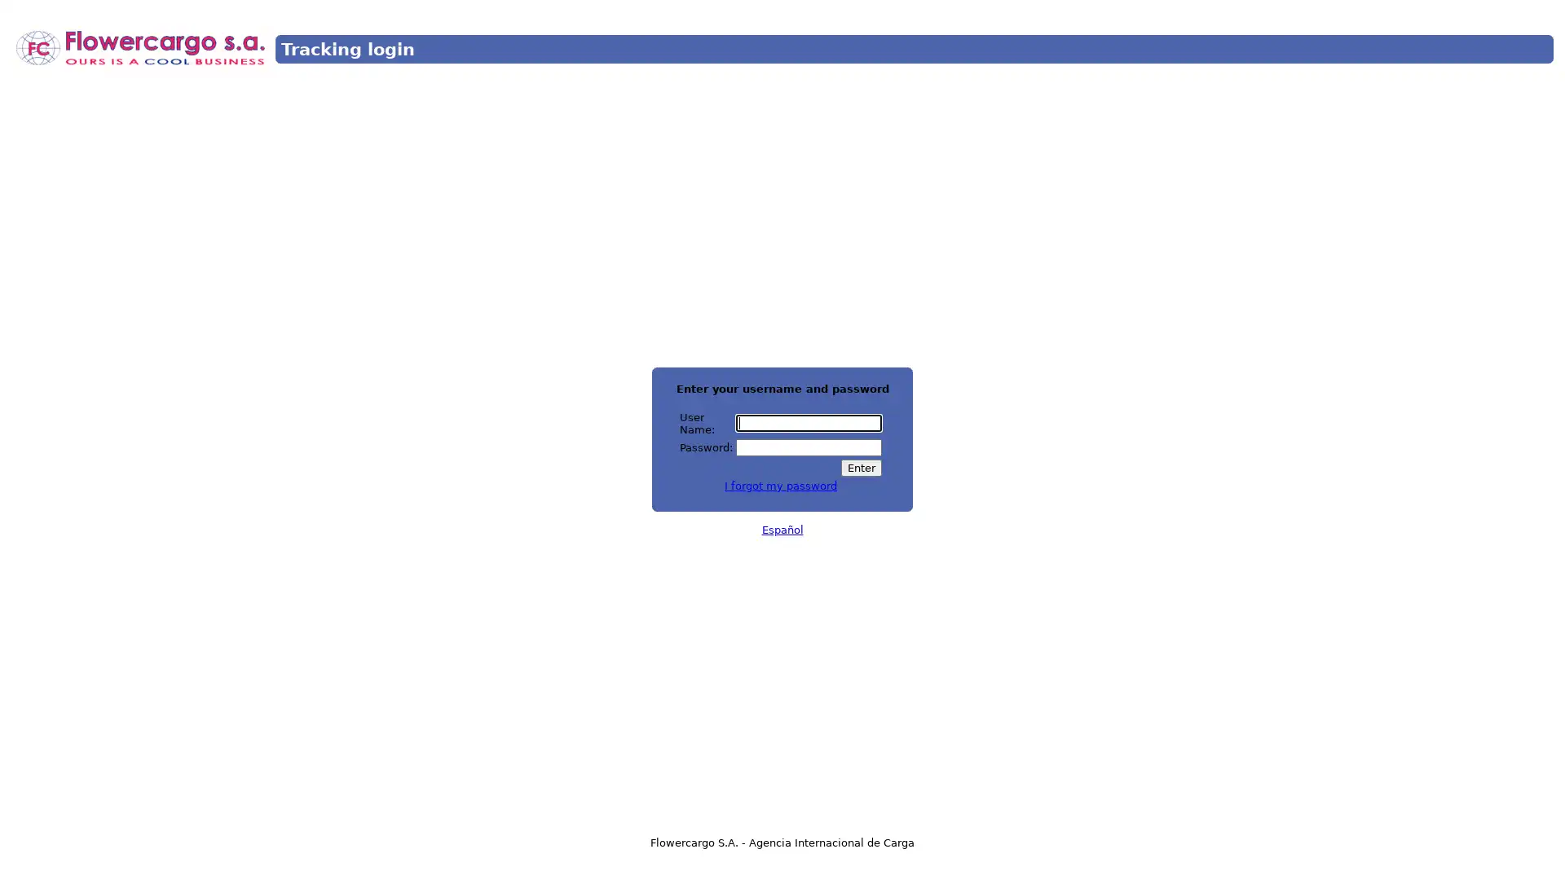  Describe the element at coordinates (860, 467) in the screenshot. I see `Enter` at that location.